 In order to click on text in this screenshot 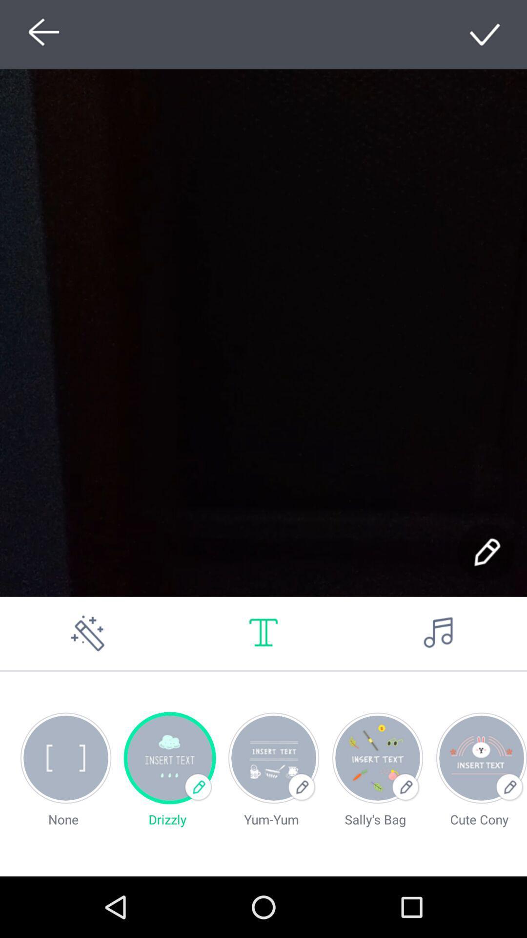, I will do `click(263, 633)`.